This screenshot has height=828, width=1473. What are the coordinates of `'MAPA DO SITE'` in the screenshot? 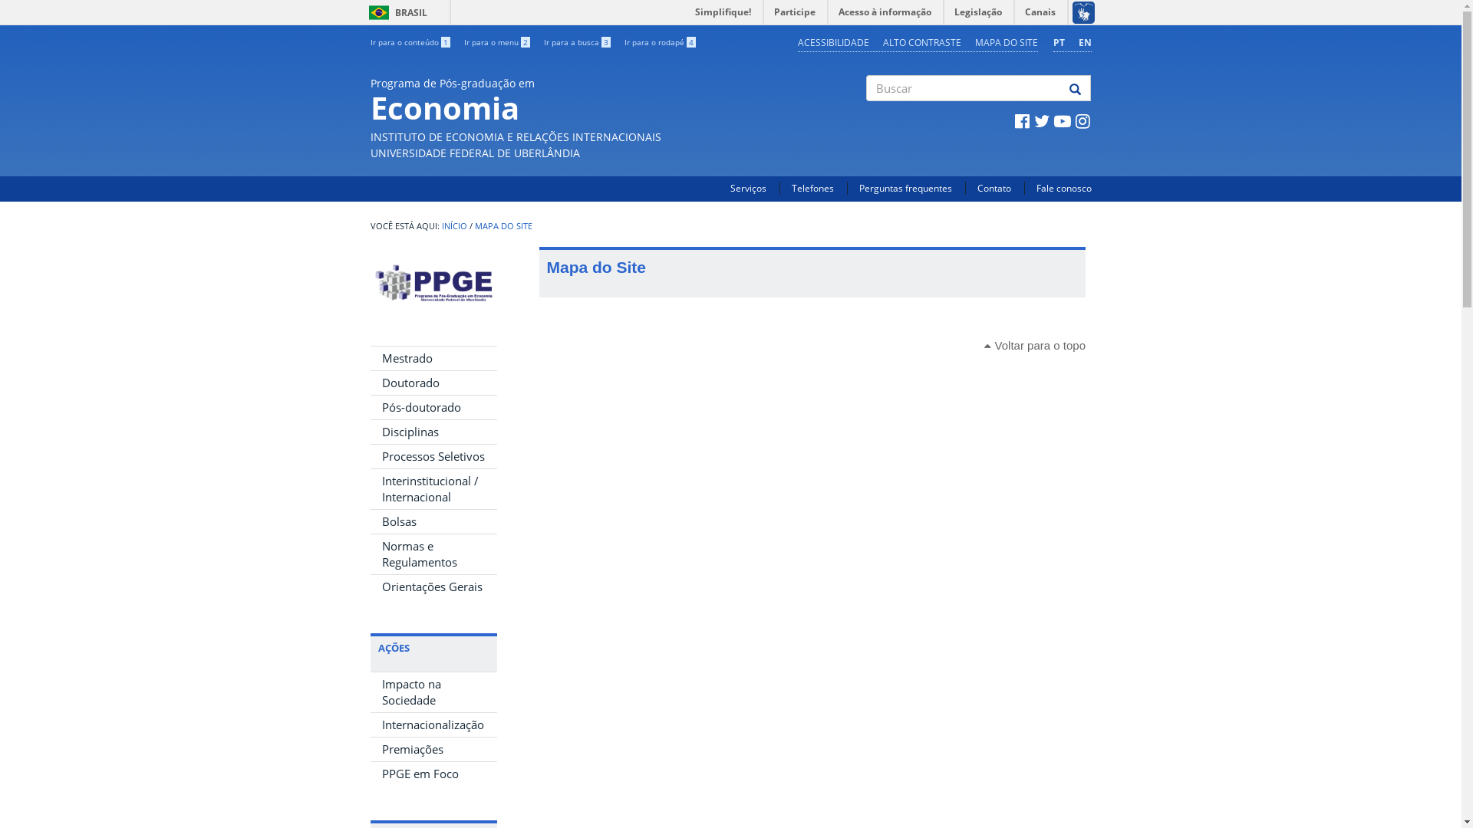 It's located at (503, 225).